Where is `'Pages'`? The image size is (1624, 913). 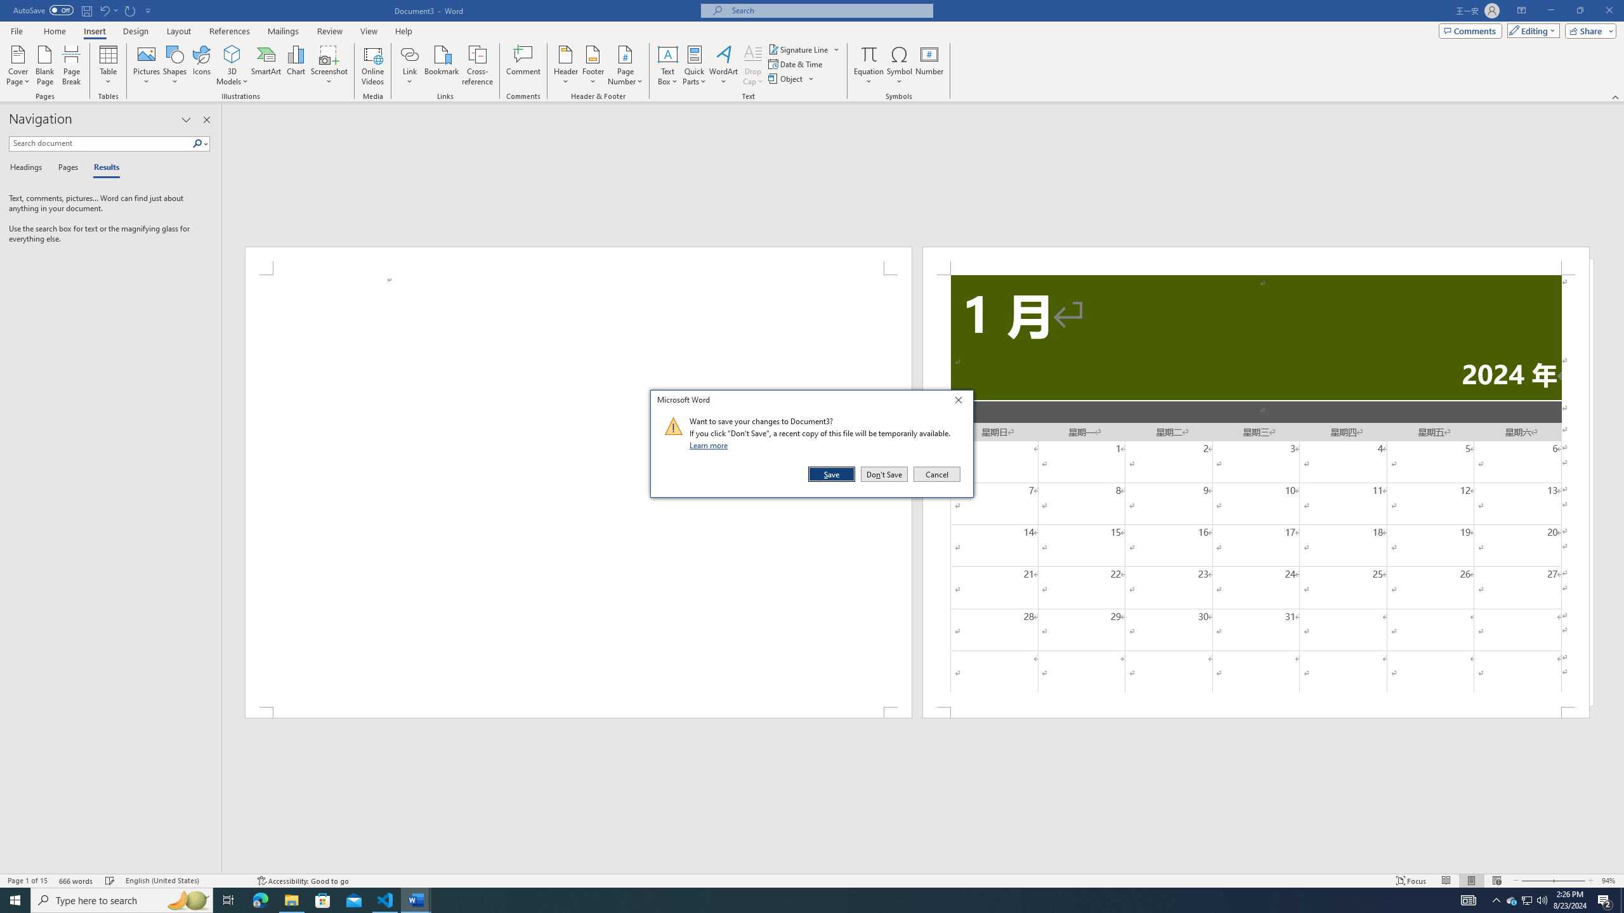
'Pages' is located at coordinates (65, 167).